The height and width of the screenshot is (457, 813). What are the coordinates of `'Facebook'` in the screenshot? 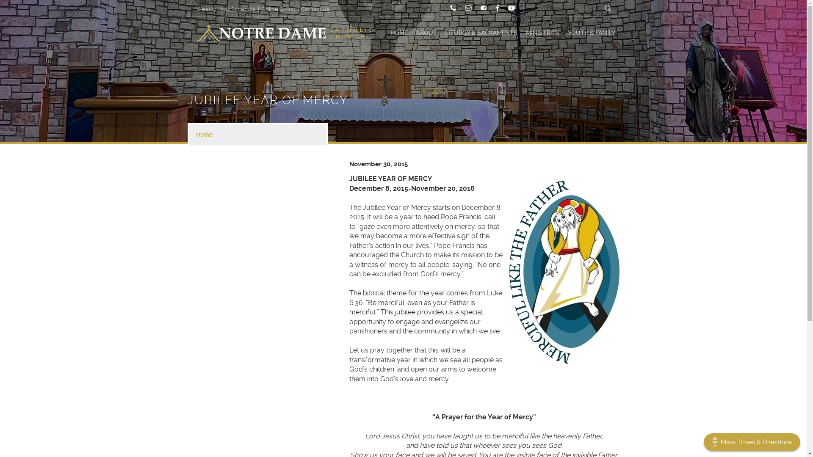 It's located at (498, 8).